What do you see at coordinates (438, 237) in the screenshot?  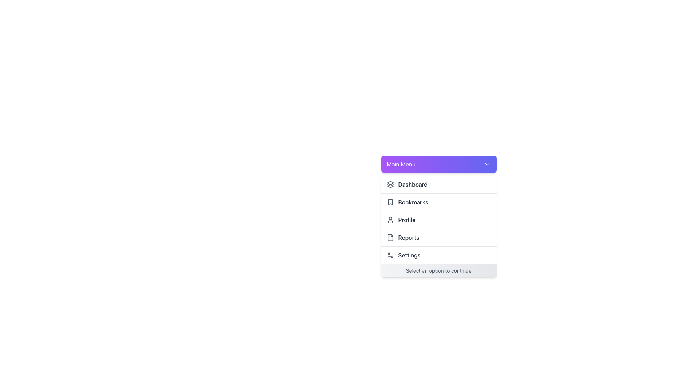 I see `the fourth menu option labeled 'Reports' in the 'Main Menu' section, which is located between 'Profile' and 'Settings'` at bounding box center [438, 237].